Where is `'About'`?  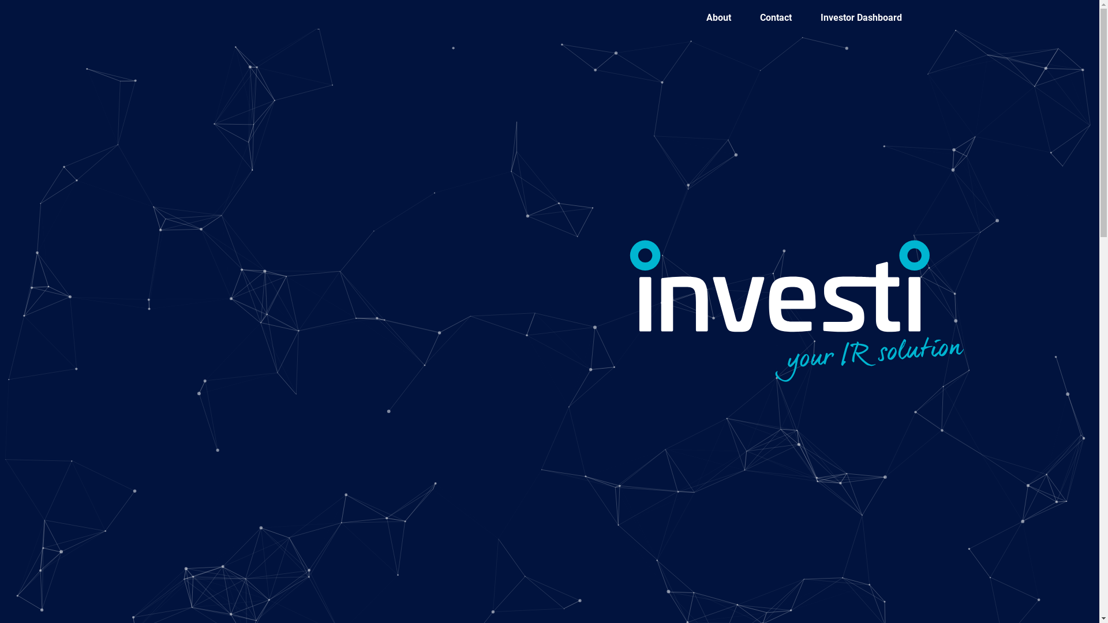
'About' is located at coordinates (718, 17).